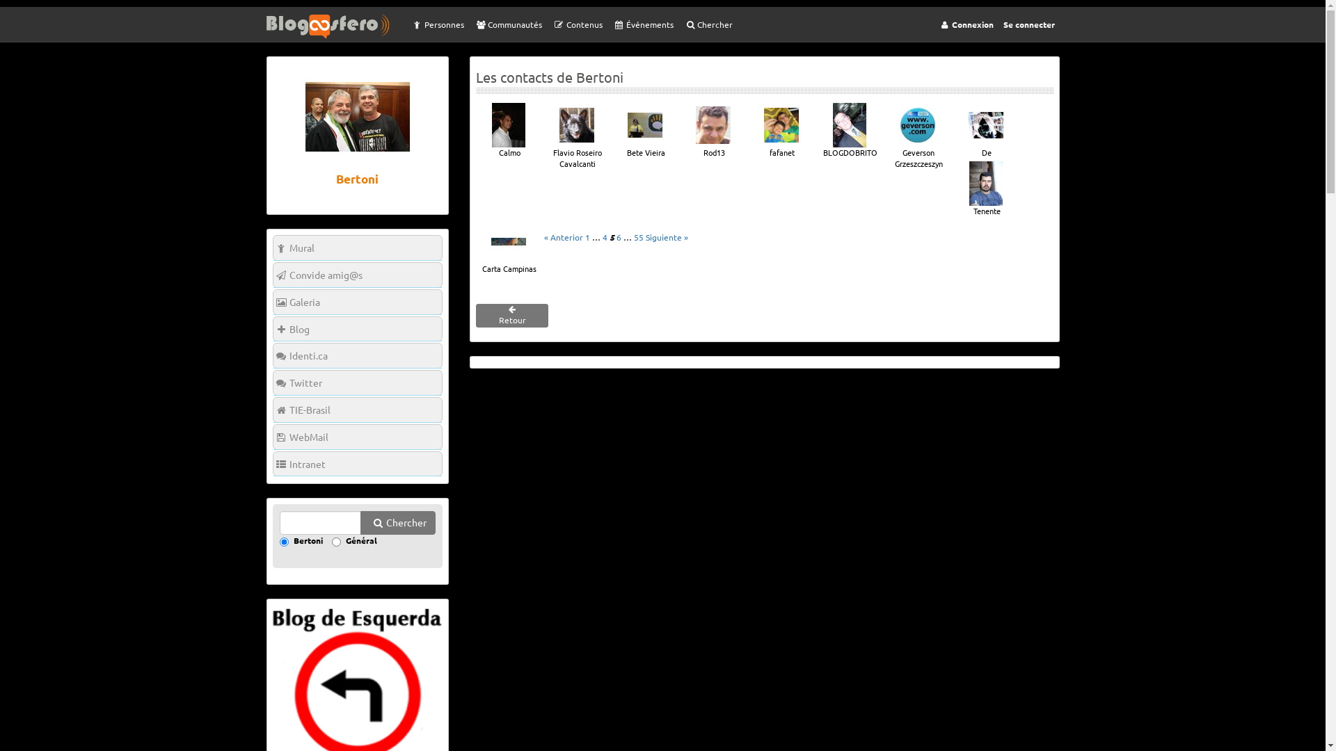 The image size is (1336, 751). Describe the element at coordinates (964, 24) in the screenshot. I see `'Connexion'` at that location.